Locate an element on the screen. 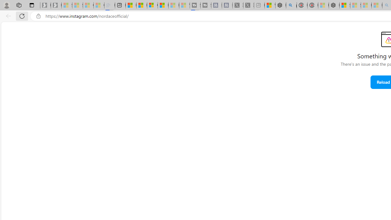  'Wildlife - MSN' is located at coordinates (269, 5).